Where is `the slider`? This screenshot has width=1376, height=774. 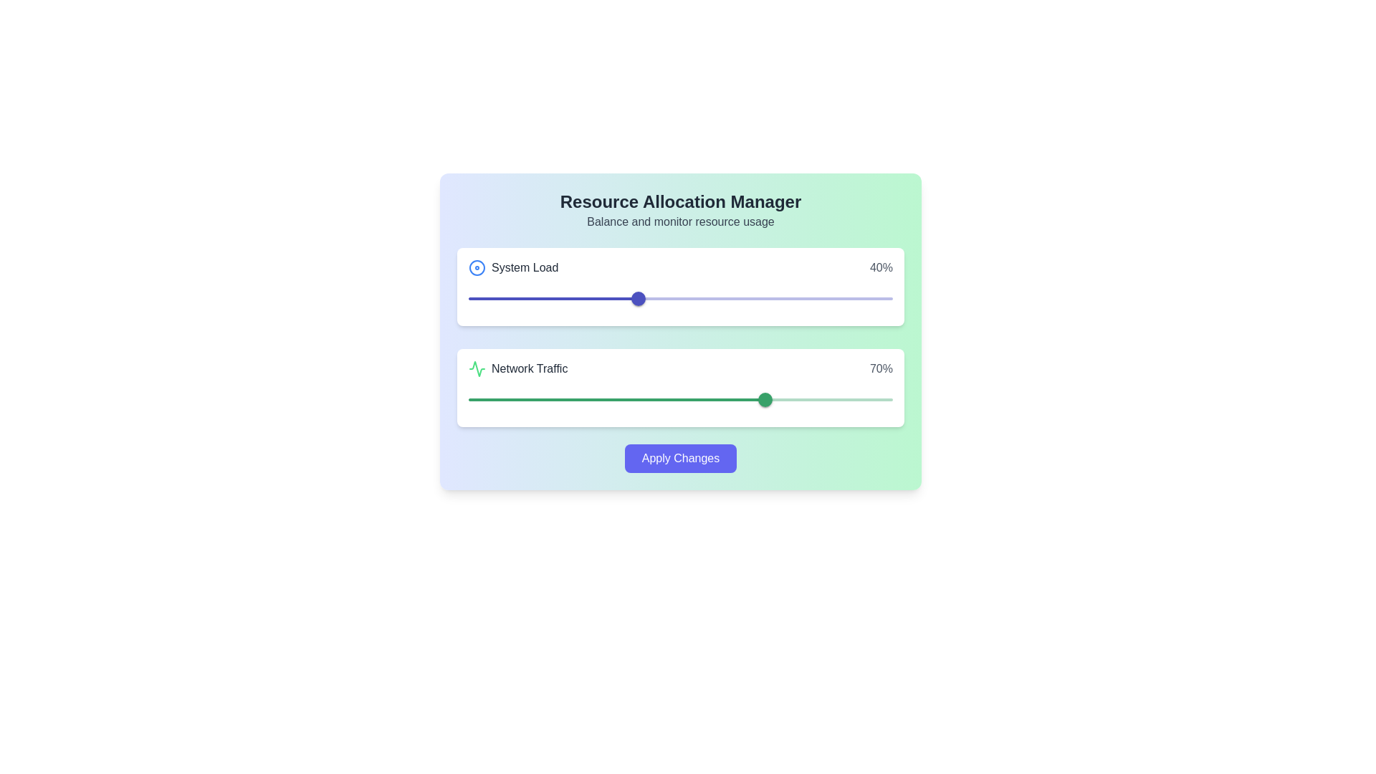
the slider is located at coordinates (794, 400).